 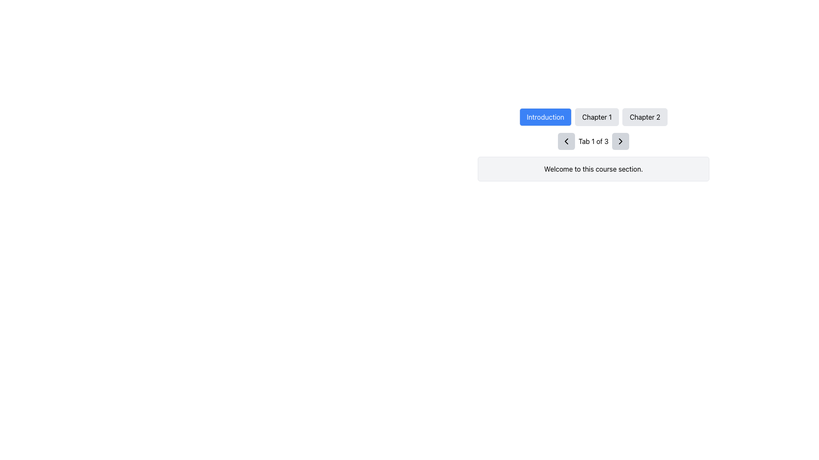 I want to click on the second button in a group of three horizontally aligned buttons, so click(x=596, y=117).